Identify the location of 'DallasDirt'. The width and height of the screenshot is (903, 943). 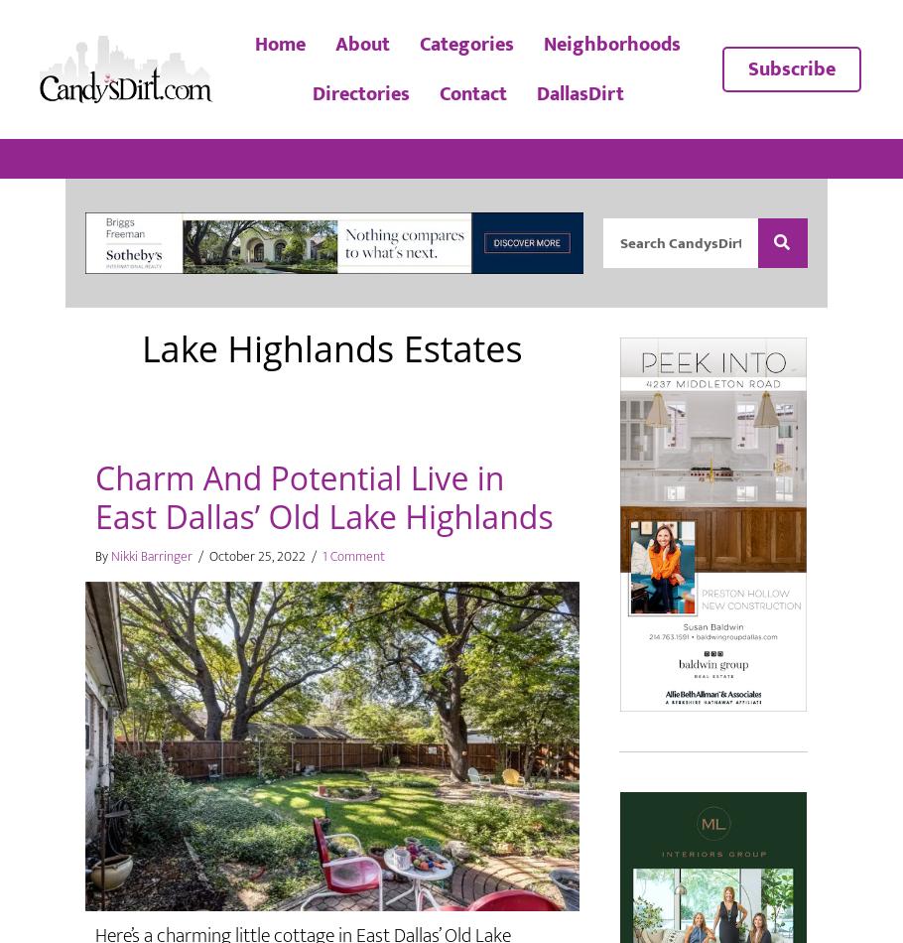
(580, 94).